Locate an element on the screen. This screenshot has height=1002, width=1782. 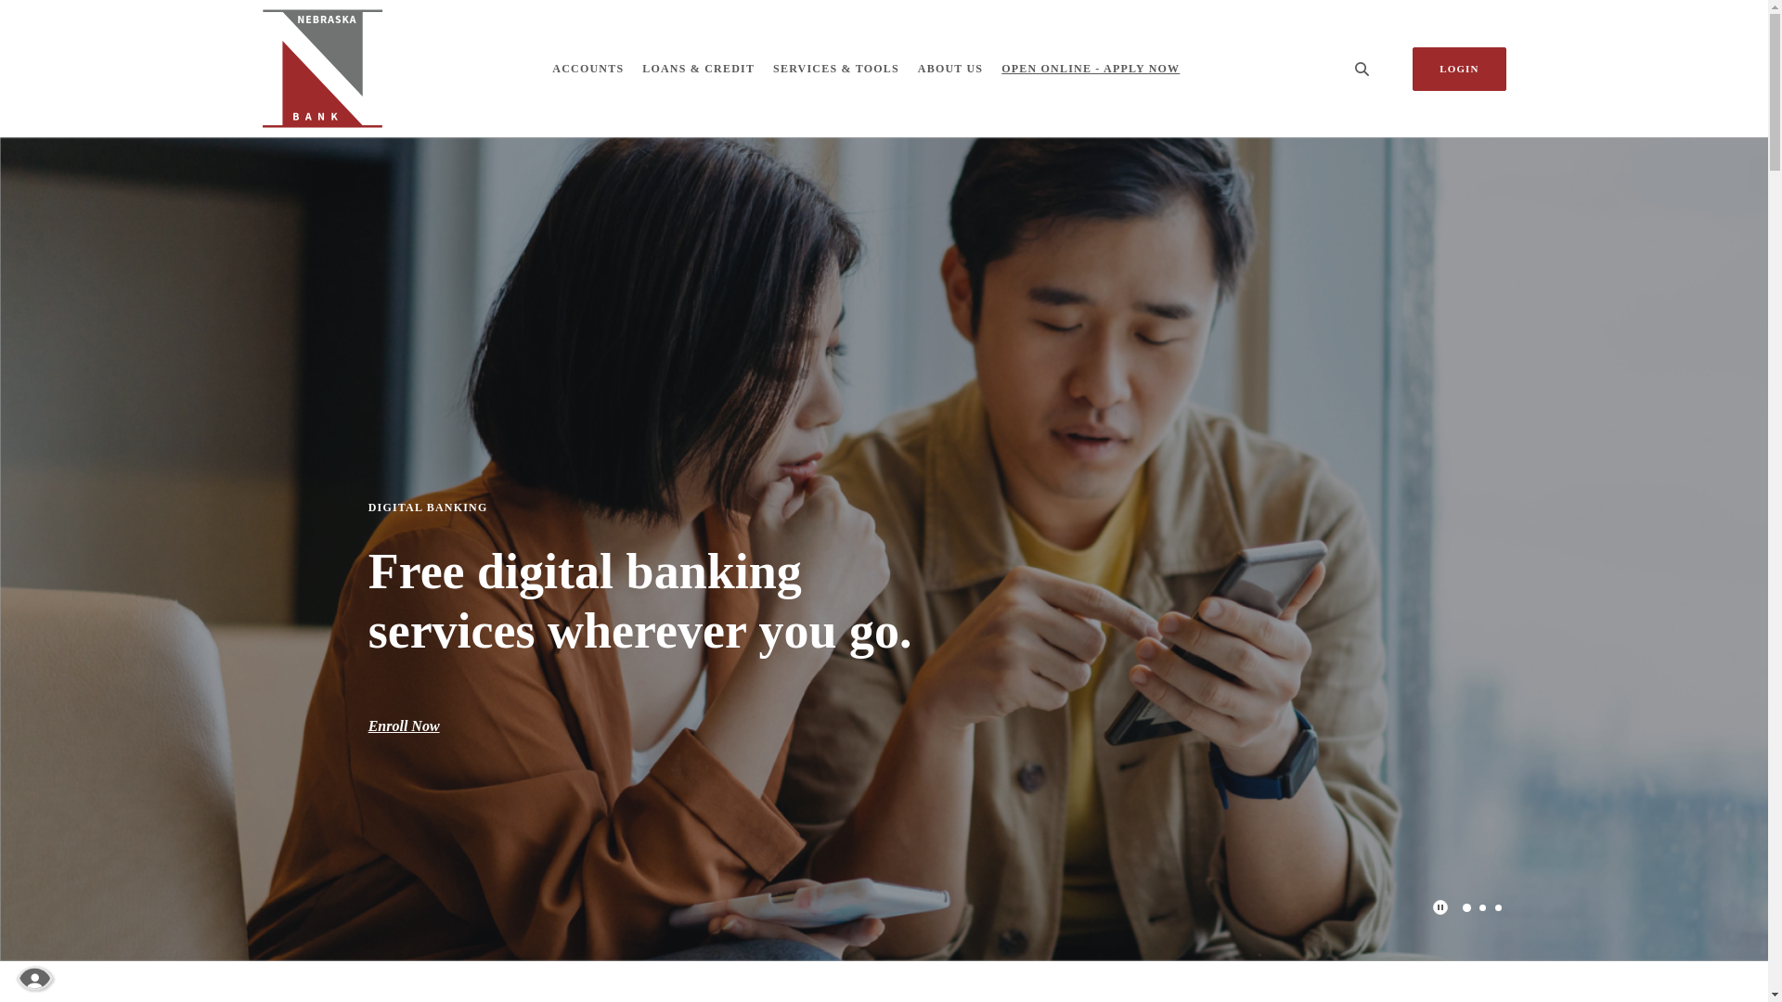
'Nebraska Bank, Dodge, NE' is located at coordinates (261, 67).